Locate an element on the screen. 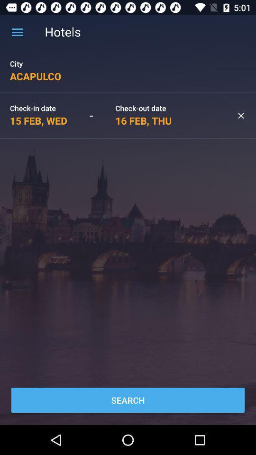 The width and height of the screenshot is (256, 455). the close icon is located at coordinates (241, 123).